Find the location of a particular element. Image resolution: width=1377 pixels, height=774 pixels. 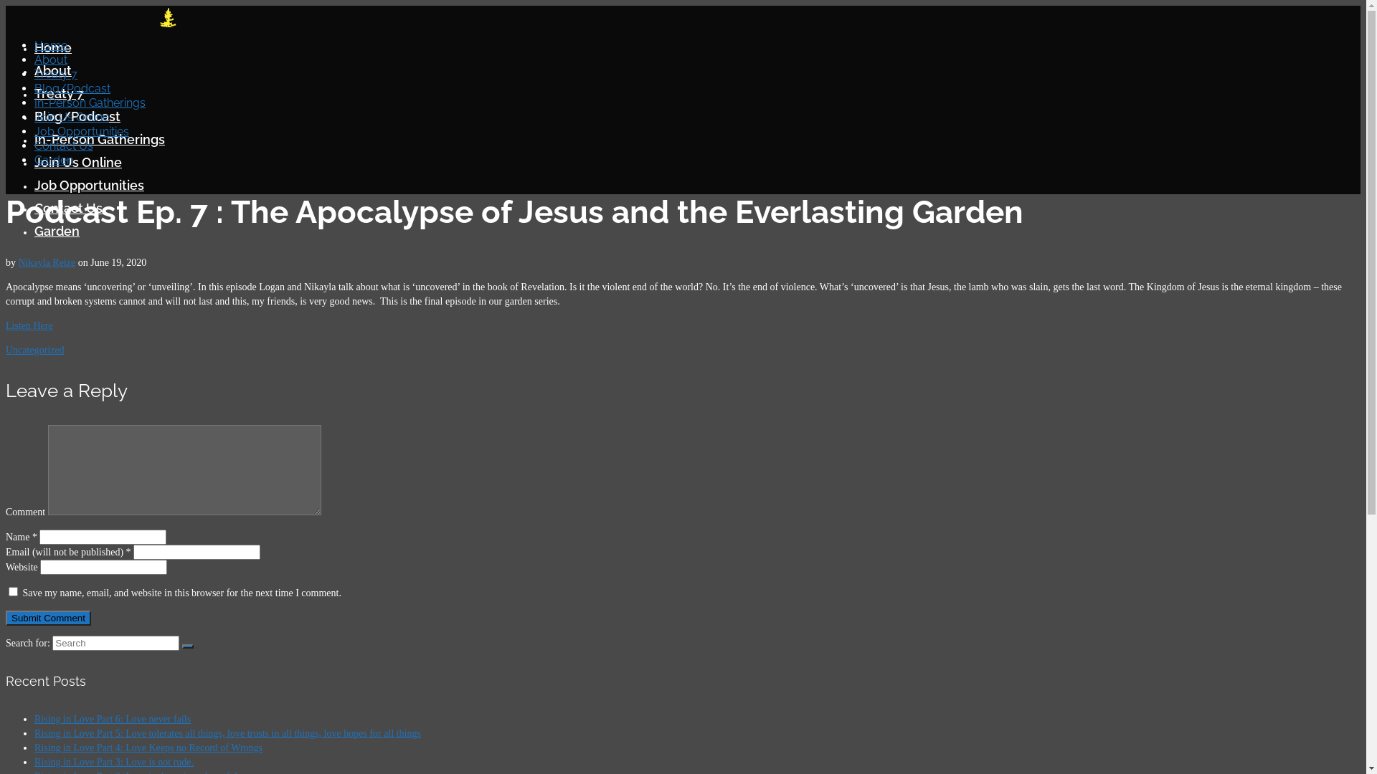

'Blog/Podcast' is located at coordinates (71, 88).